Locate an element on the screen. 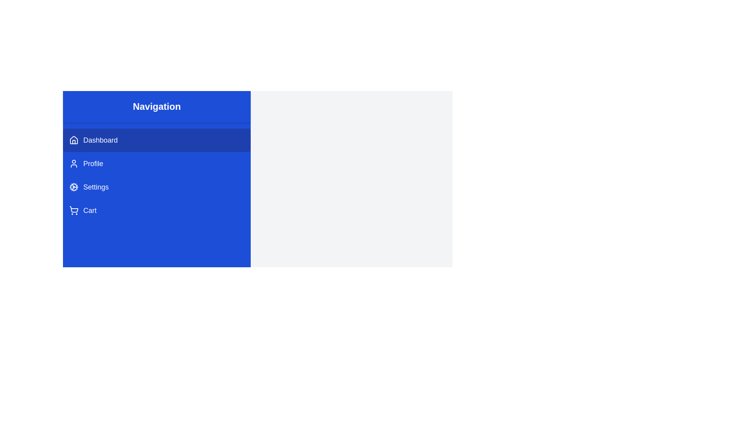 This screenshot has height=422, width=751. the 'Settings' item in the vertical list menu using keyboard navigation is located at coordinates (156, 175).